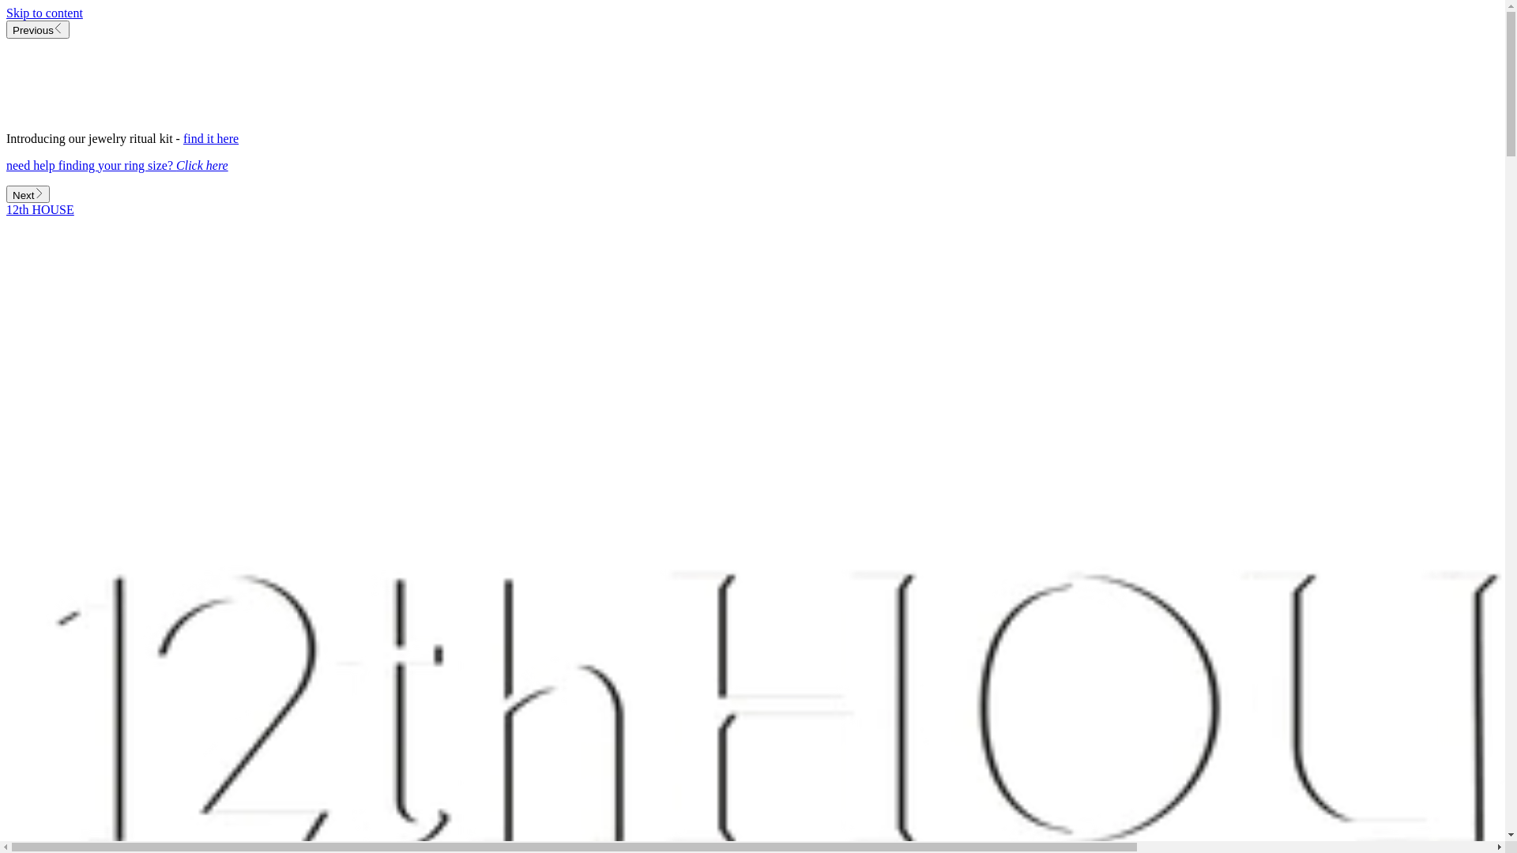  What do you see at coordinates (28, 193) in the screenshot?
I see `'Next'` at bounding box center [28, 193].